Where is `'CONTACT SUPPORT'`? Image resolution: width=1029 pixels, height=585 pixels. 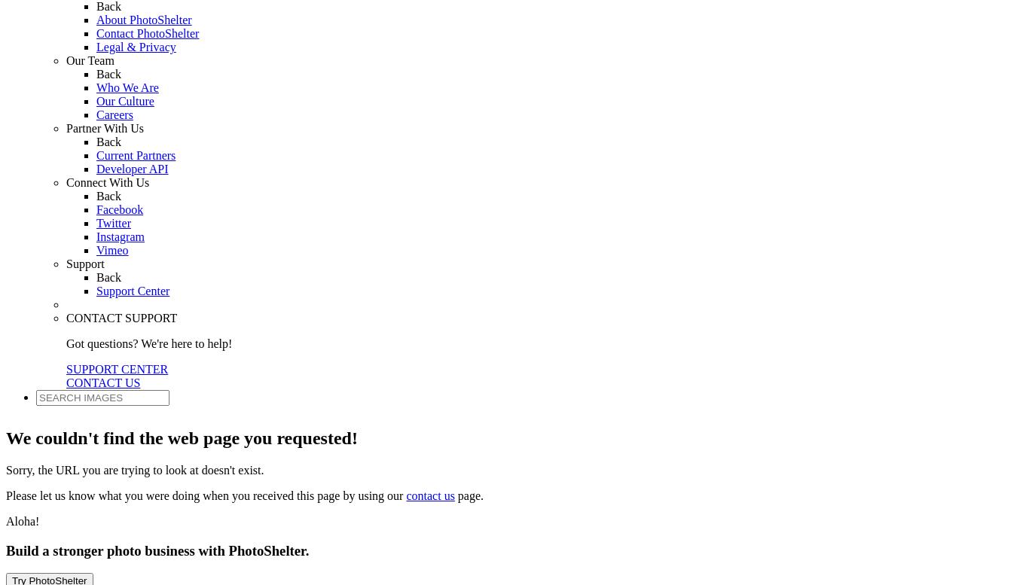
'CONTACT SUPPORT' is located at coordinates (121, 316).